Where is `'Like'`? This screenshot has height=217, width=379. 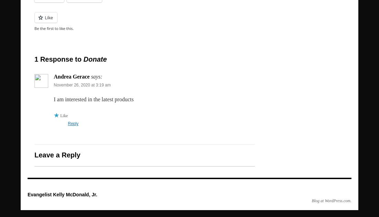
'Like' is located at coordinates (64, 115).